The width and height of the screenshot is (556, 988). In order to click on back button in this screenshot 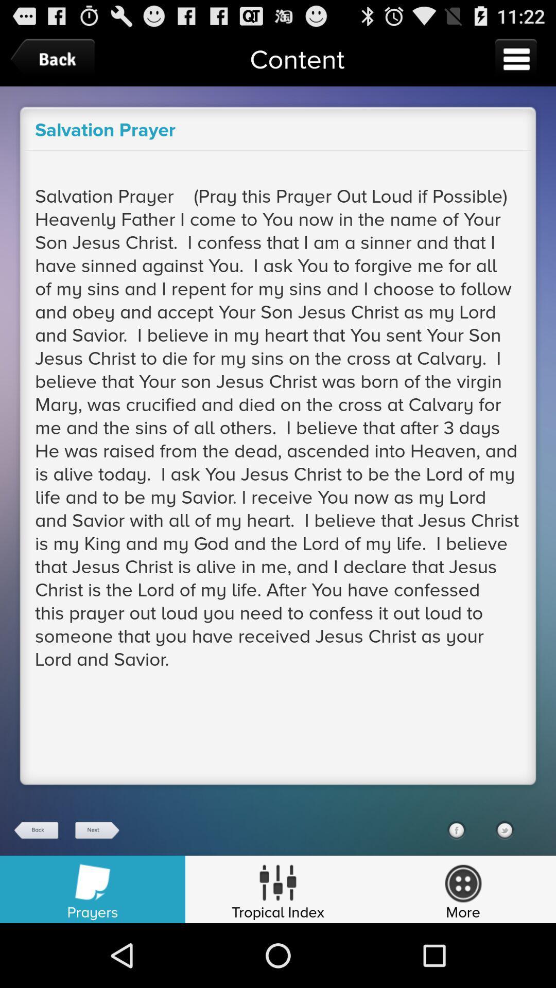, I will do `click(36, 830)`.